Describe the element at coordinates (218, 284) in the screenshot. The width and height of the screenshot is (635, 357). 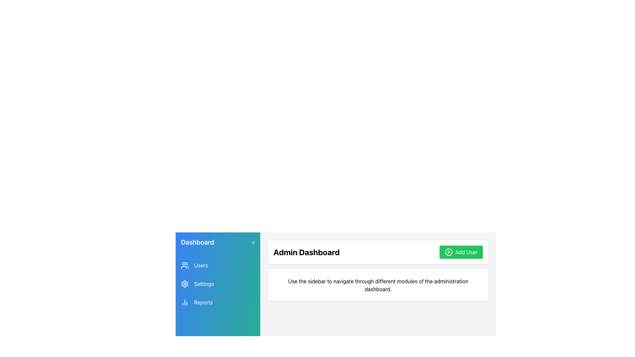
I see `the second menu item in the sidebar, which navigates to the 'Settings' section` at that location.